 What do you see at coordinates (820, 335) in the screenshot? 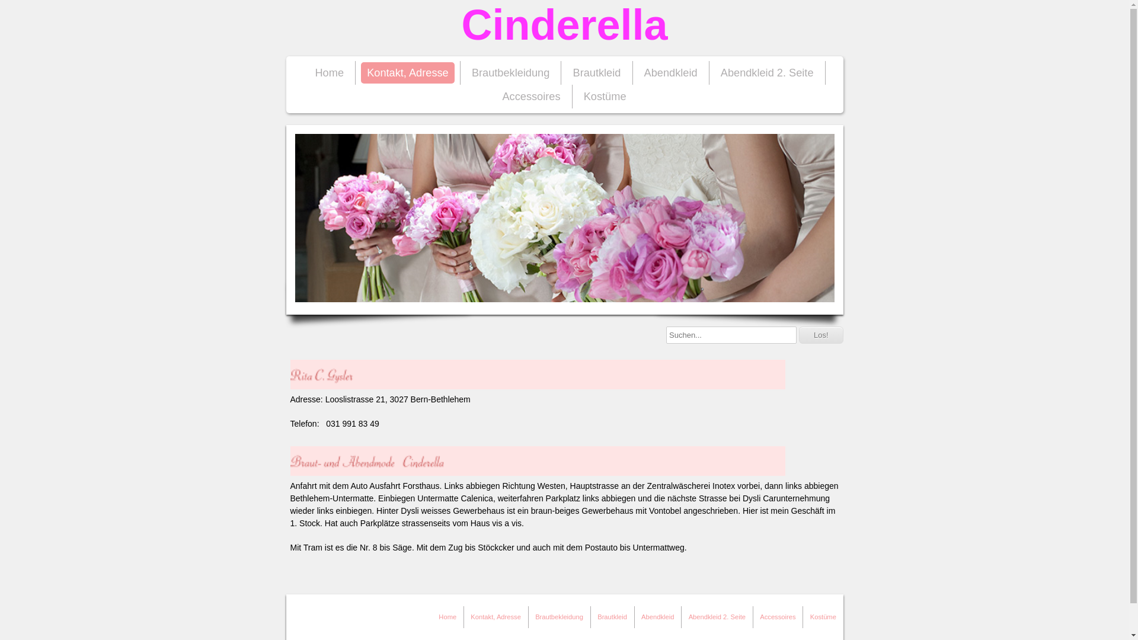
I see `'Los!'` at bounding box center [820, 335].